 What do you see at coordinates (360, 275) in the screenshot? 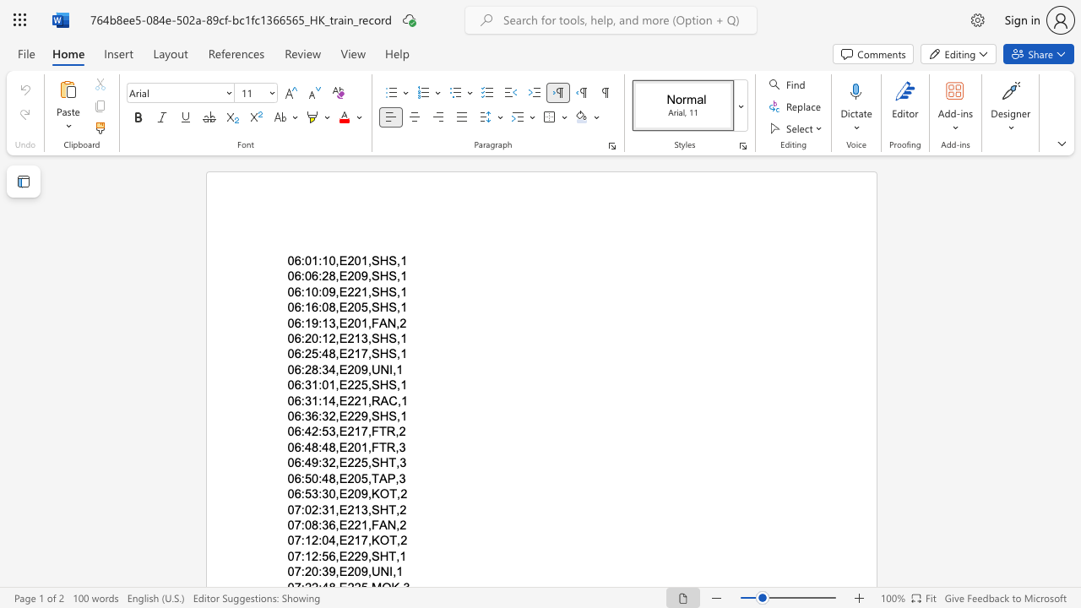
I see `the subset text "9,SHS" within the text "06:06:28,E209,SHS,1"` at bounding box center [360, 275].